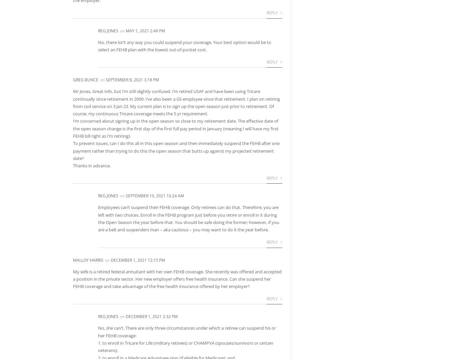 The image size is (464, 359). What do you see at coordinates (186, 331) in the screenshot?
I see `'No, she can’t. There are only three circumstances under which a retiree can suspend his or her FEHB coverage:'` at bounding box center [186, 331].